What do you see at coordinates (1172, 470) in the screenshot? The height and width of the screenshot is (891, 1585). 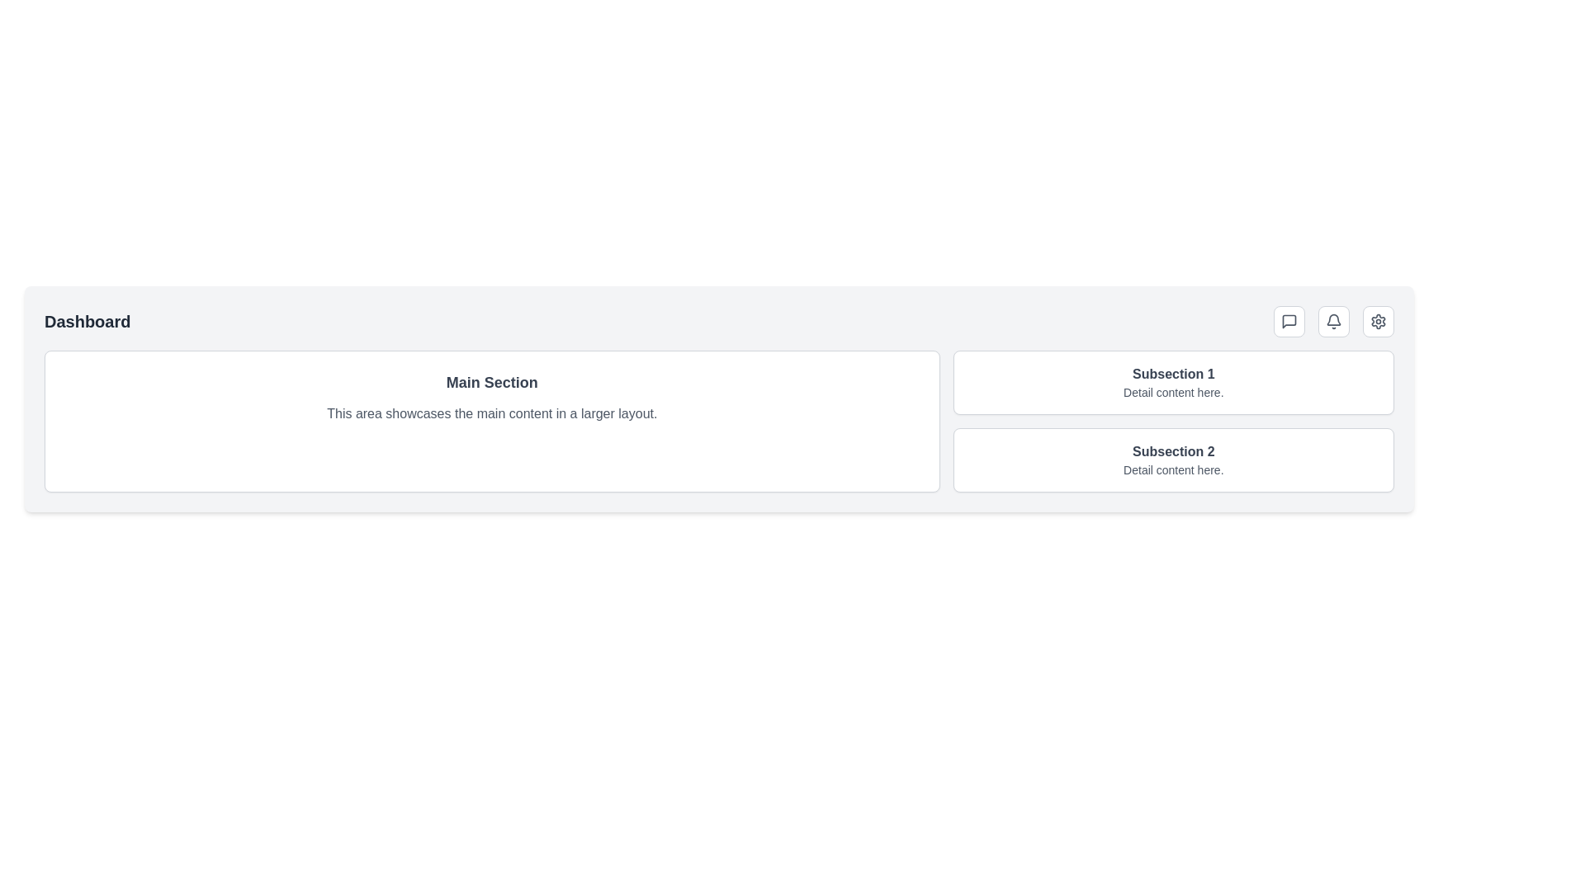 I see `text label located directly below the title 'Subsection 2' in the second column on the right side of the interface layout` at bounding box center [1172, 470].